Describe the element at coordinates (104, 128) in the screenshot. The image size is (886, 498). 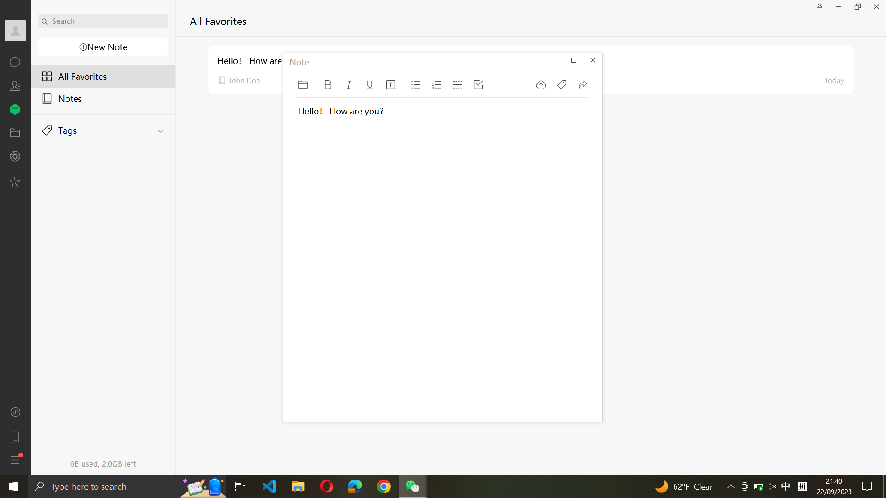
I see `View Tags` at that location.